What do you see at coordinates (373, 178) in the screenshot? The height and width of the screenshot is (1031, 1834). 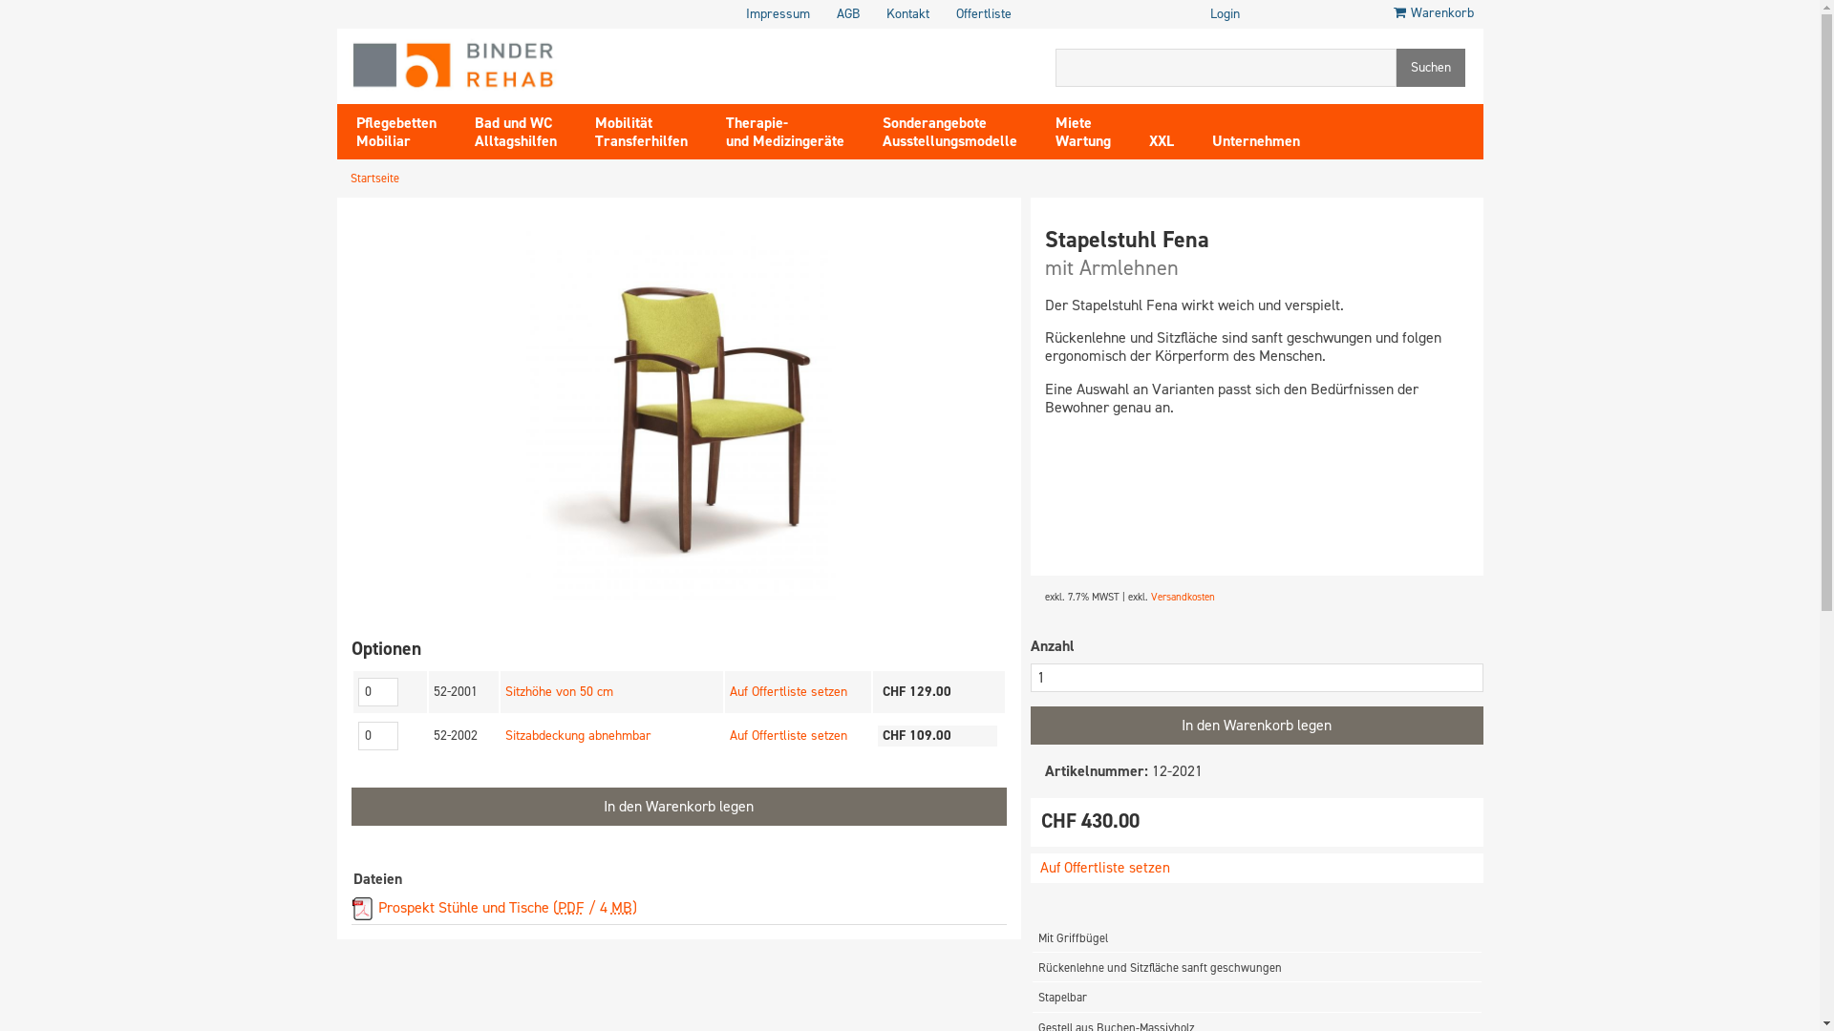 I see `'Startseite'` at bounding box center [373, 178].